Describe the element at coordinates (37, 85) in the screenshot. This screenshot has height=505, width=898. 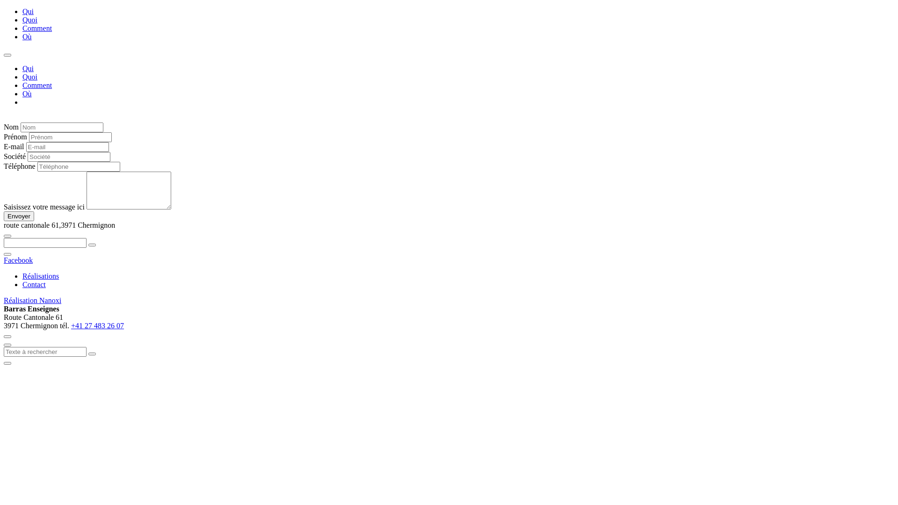
I see `'Comment'` at that location.